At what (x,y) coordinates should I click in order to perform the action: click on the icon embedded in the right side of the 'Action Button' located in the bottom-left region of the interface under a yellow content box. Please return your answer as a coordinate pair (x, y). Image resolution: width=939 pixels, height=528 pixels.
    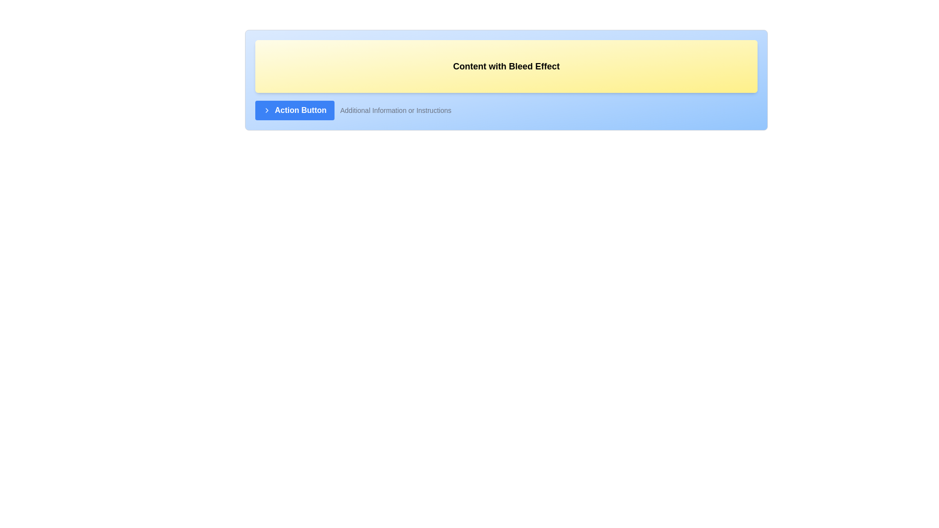
    Looking at the image, I should click on (267, 110).